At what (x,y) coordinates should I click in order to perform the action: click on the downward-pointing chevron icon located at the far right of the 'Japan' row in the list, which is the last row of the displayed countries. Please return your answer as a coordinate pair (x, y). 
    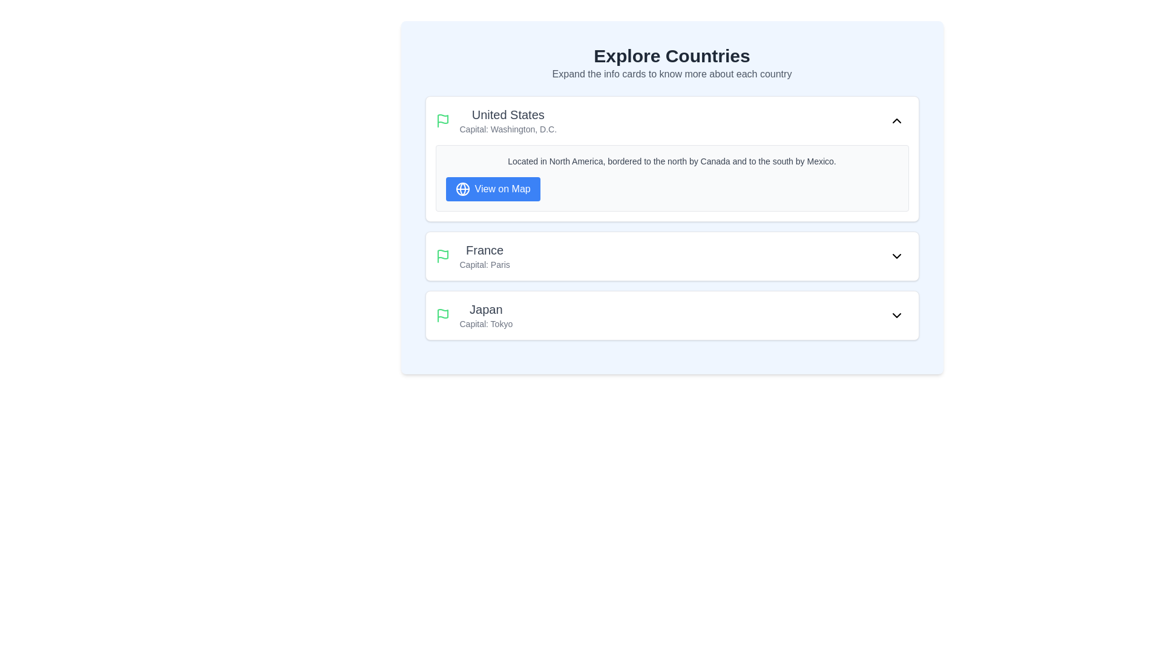
    Looking at the image, I should click on (896, 314).